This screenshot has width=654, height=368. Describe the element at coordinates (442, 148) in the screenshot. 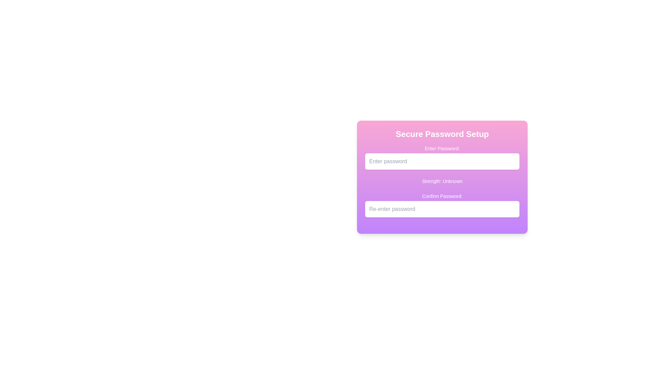

I see `label that provides context and instructions for the password input field located within the 'Secure Password Setup' form, positioned above the password input field` at that location.